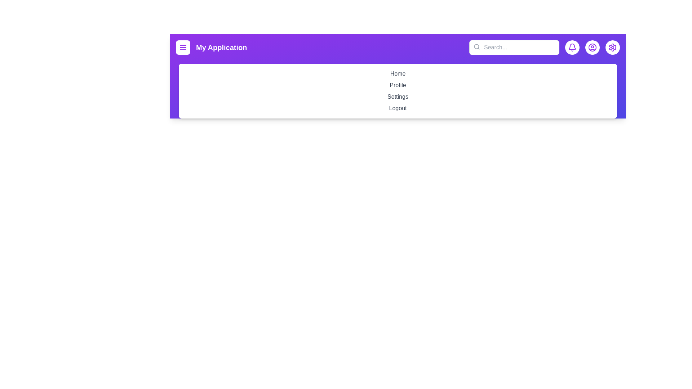  What do you see at coordinates (185, 97) in the screenshot?
I see `the menu item Settings` at bounding box center [185, 97].